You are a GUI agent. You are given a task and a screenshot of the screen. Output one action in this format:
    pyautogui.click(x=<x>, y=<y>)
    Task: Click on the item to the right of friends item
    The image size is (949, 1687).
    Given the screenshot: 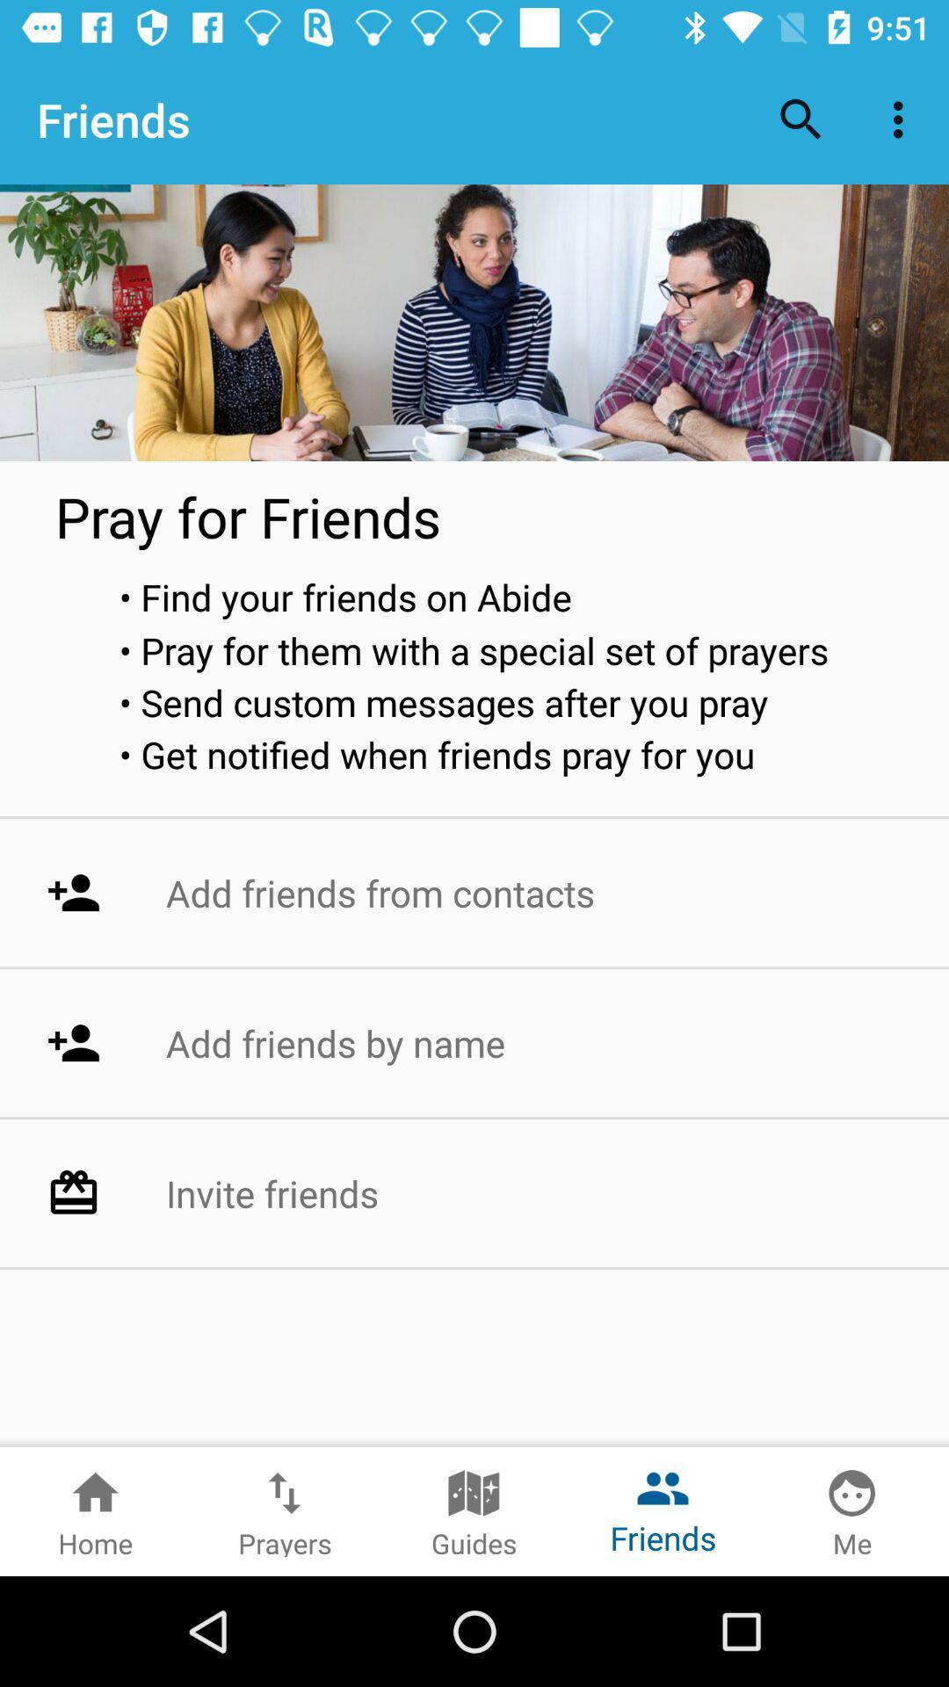 What is the action you would take?
    pyautogui.click(x=800, y=119)
    